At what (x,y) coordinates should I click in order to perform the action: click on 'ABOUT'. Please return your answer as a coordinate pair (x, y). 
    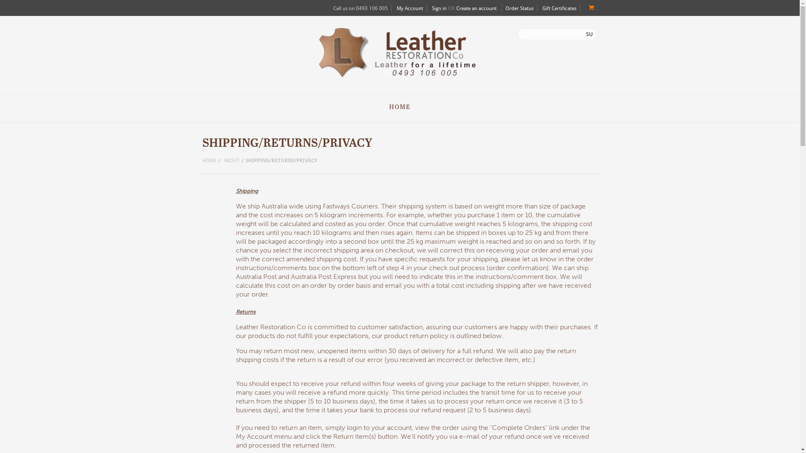
    Looking at the image, I should click on (223, 161).